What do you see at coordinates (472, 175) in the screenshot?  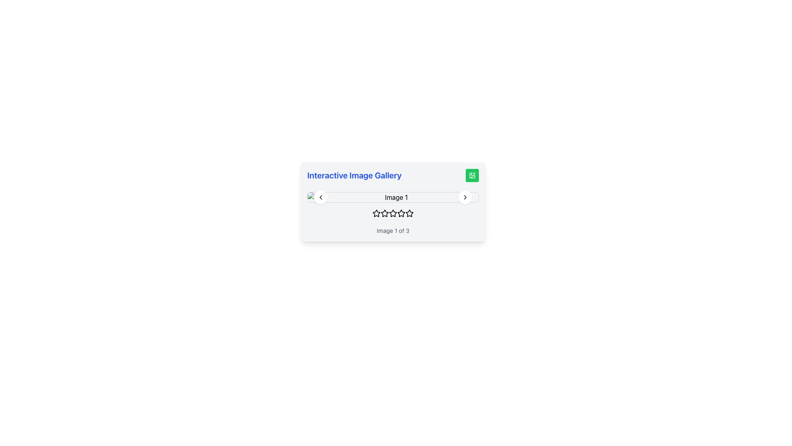 I see `the decorative graphic element of the 'image plus' icon within the SVG group 'lucide-image-plus' located on the green button in the top-right corner of the 'Interactive Image Gallery' interface` at bounding box center [472, 175].